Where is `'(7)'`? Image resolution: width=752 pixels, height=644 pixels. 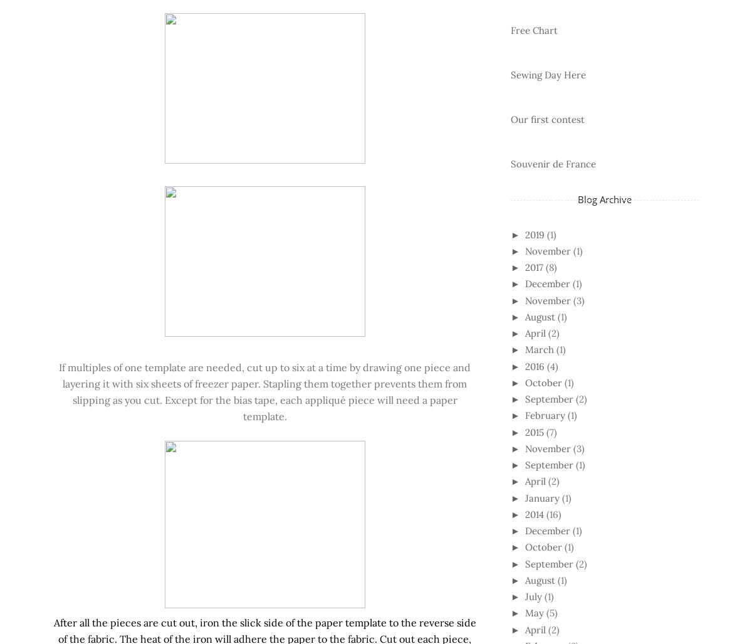
'(7)' is located at coordinates (550, 431).